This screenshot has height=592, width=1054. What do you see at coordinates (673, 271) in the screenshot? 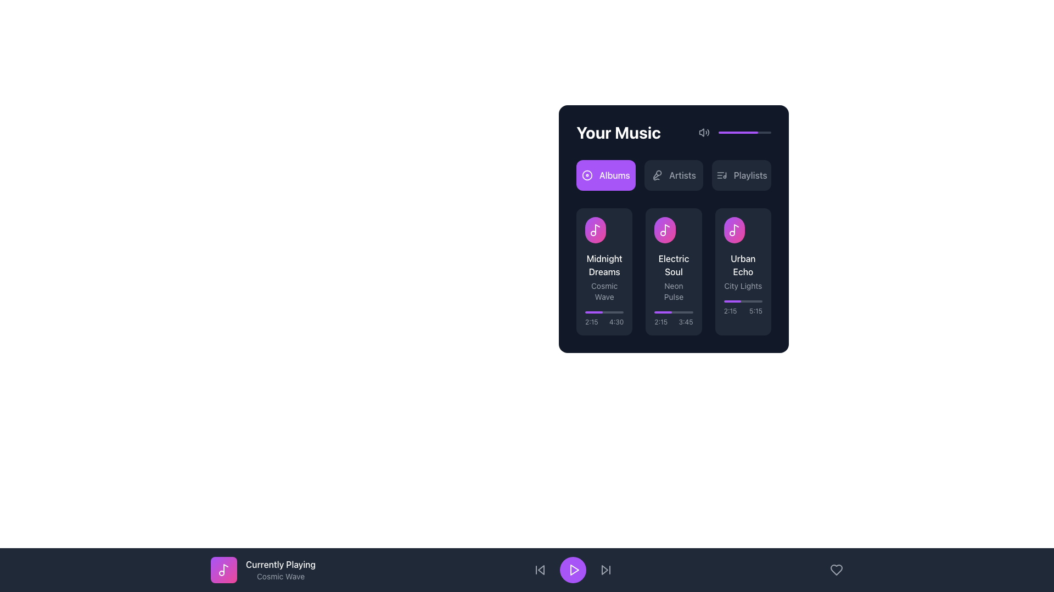
I see `the music track card representing 'Electric Soul'` at bounding box center [673, 271].